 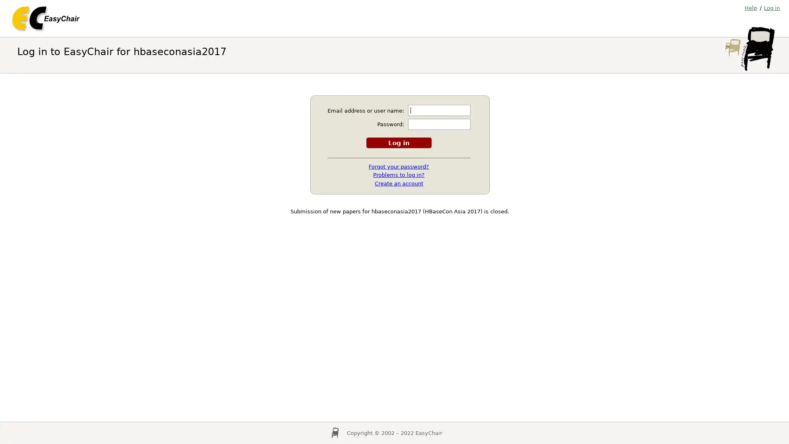 I want to click on Log in, so click(x=398, y=142).